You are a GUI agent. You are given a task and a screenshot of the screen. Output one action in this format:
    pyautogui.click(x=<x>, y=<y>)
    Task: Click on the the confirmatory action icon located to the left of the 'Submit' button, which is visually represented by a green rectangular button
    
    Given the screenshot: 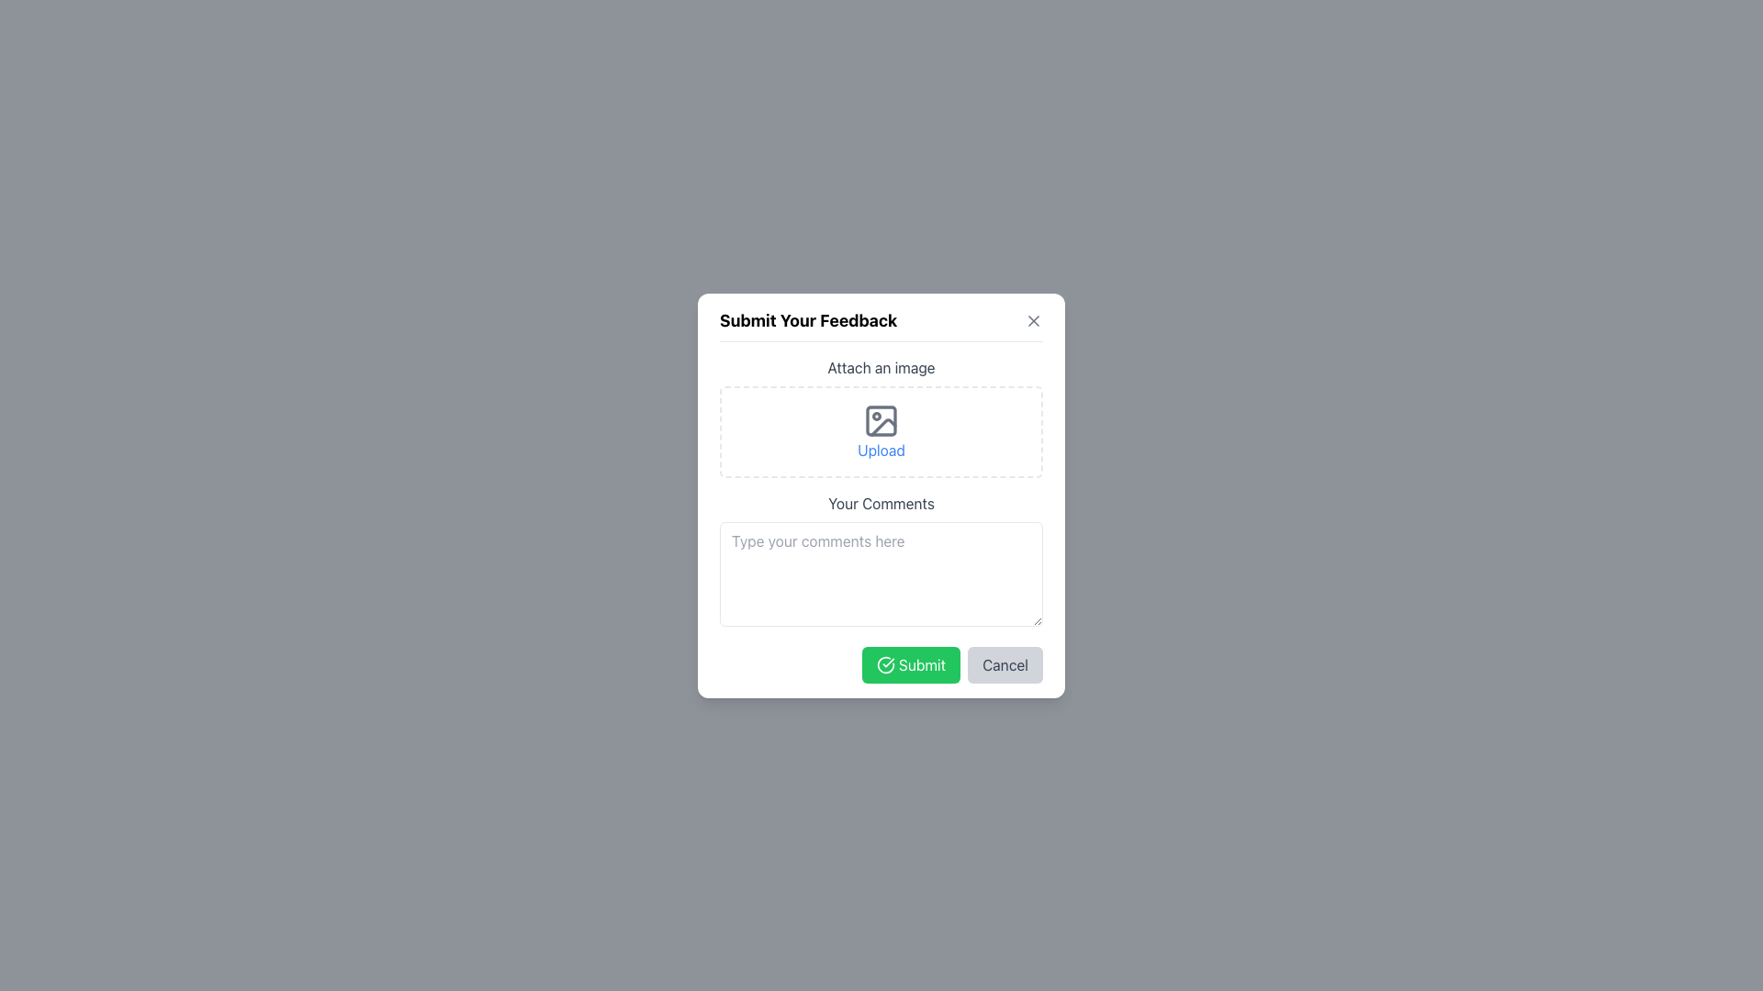 What is the action you would take?
    pyautogui.click(x=885, y=664)
    